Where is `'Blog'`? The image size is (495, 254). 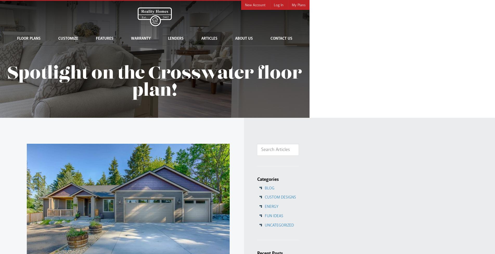 'Blog' is located at coordinates (269, 188).